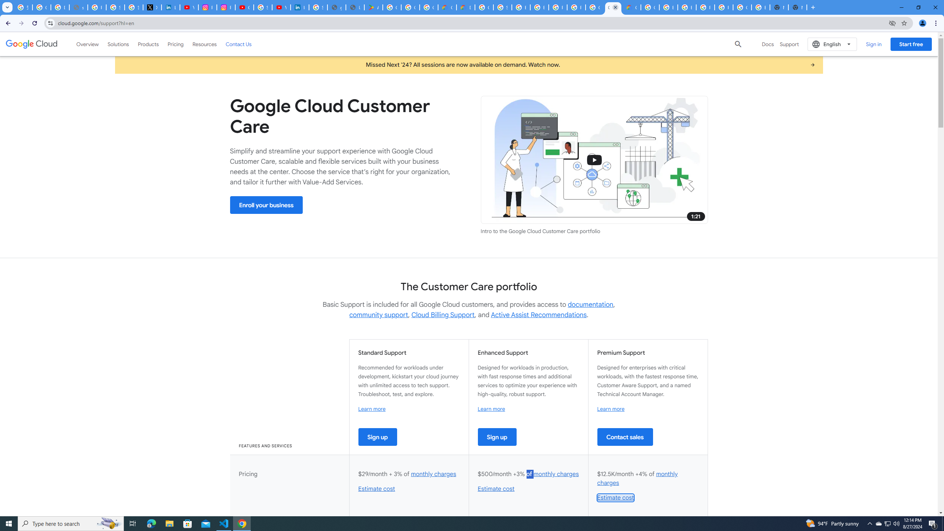 This screenshot has height=531, width=944. Describe the element at coordinates (521, 7) in the screenshot. I see `'Browse Chrome as a guest - Computer - Google Chrome Help'` at that location.